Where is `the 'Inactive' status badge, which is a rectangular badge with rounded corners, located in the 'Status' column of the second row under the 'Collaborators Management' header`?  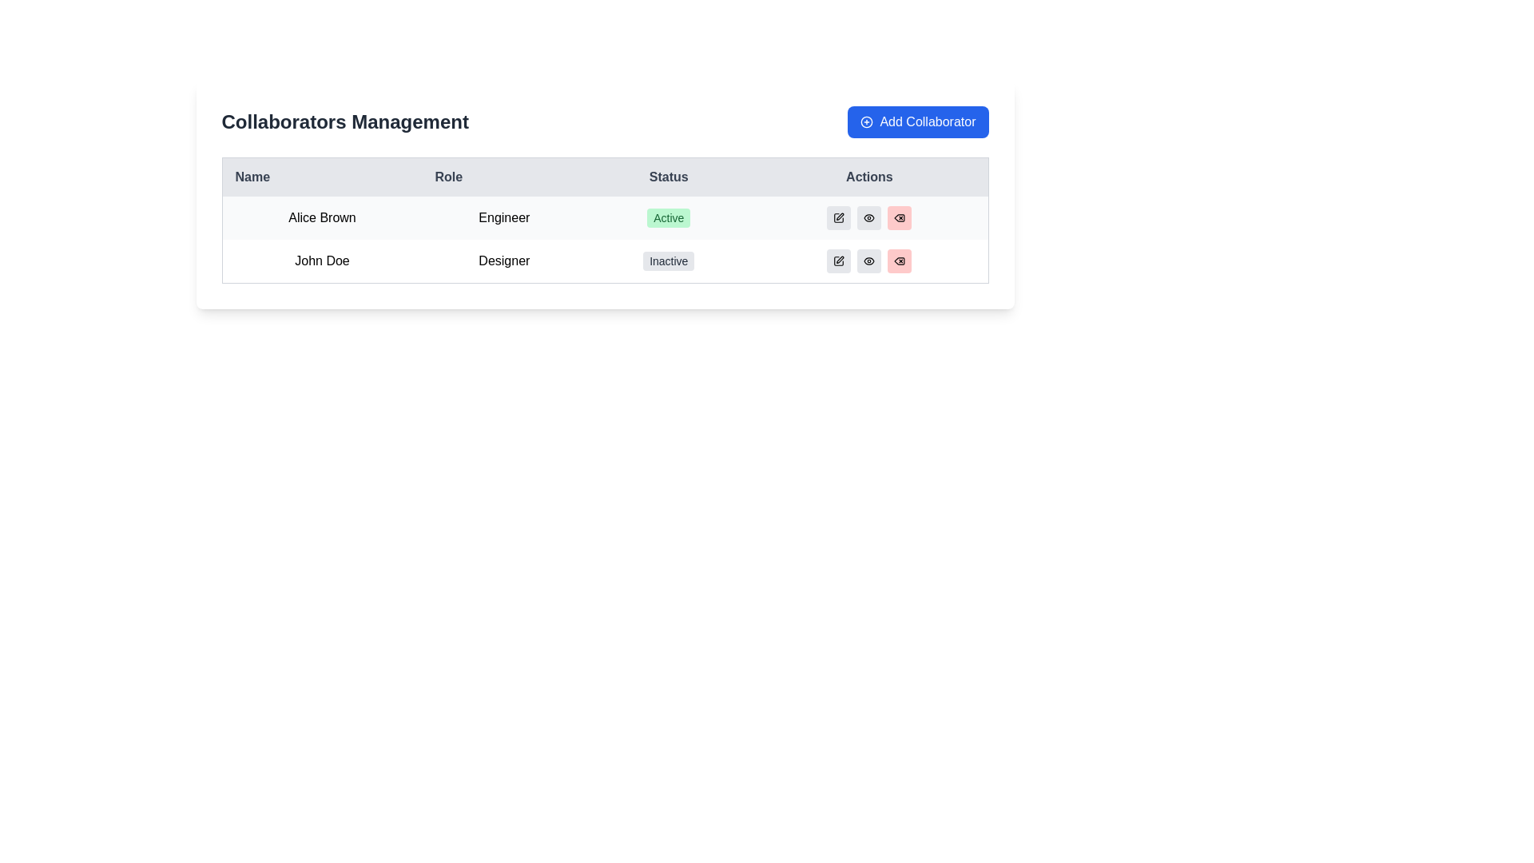 the 'Inactive' status badge, which is a rectangular badge with rounded corners, located in the 'Status' column of the second row under the 'Collaborators Management' header is located at coordinates (669, 260).